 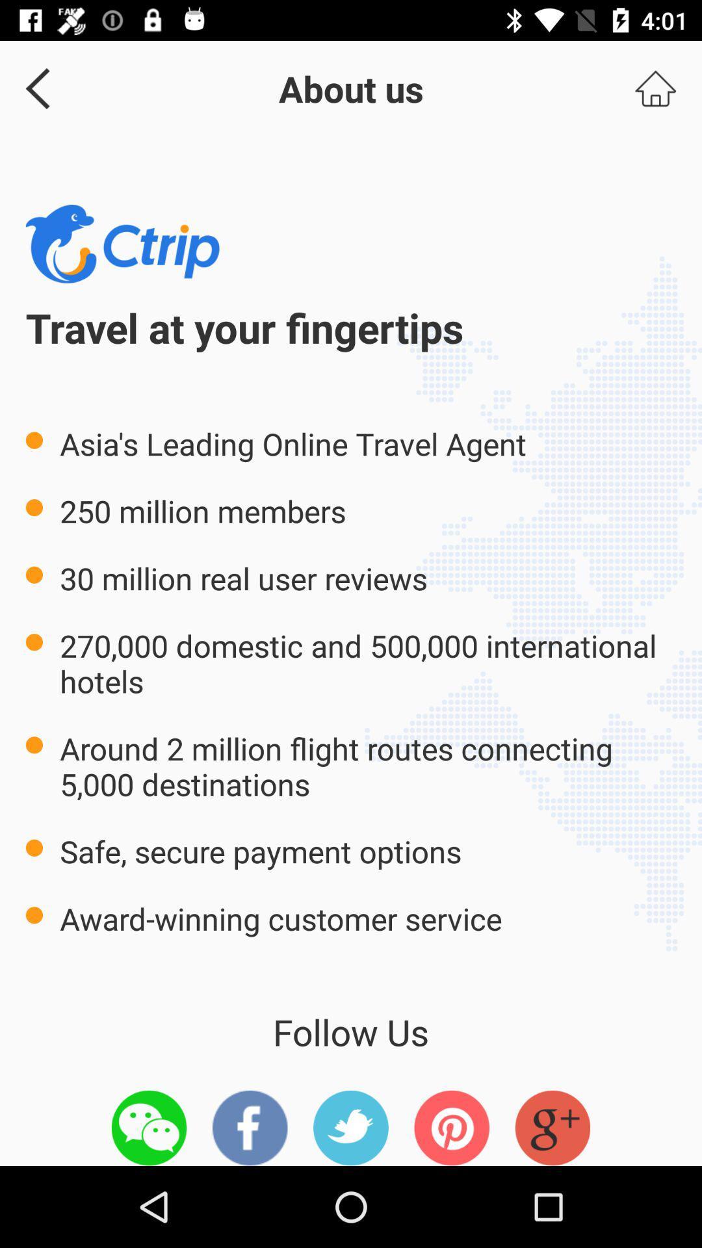 I want to click on follow on facebook, so click(x=250, y=1127).